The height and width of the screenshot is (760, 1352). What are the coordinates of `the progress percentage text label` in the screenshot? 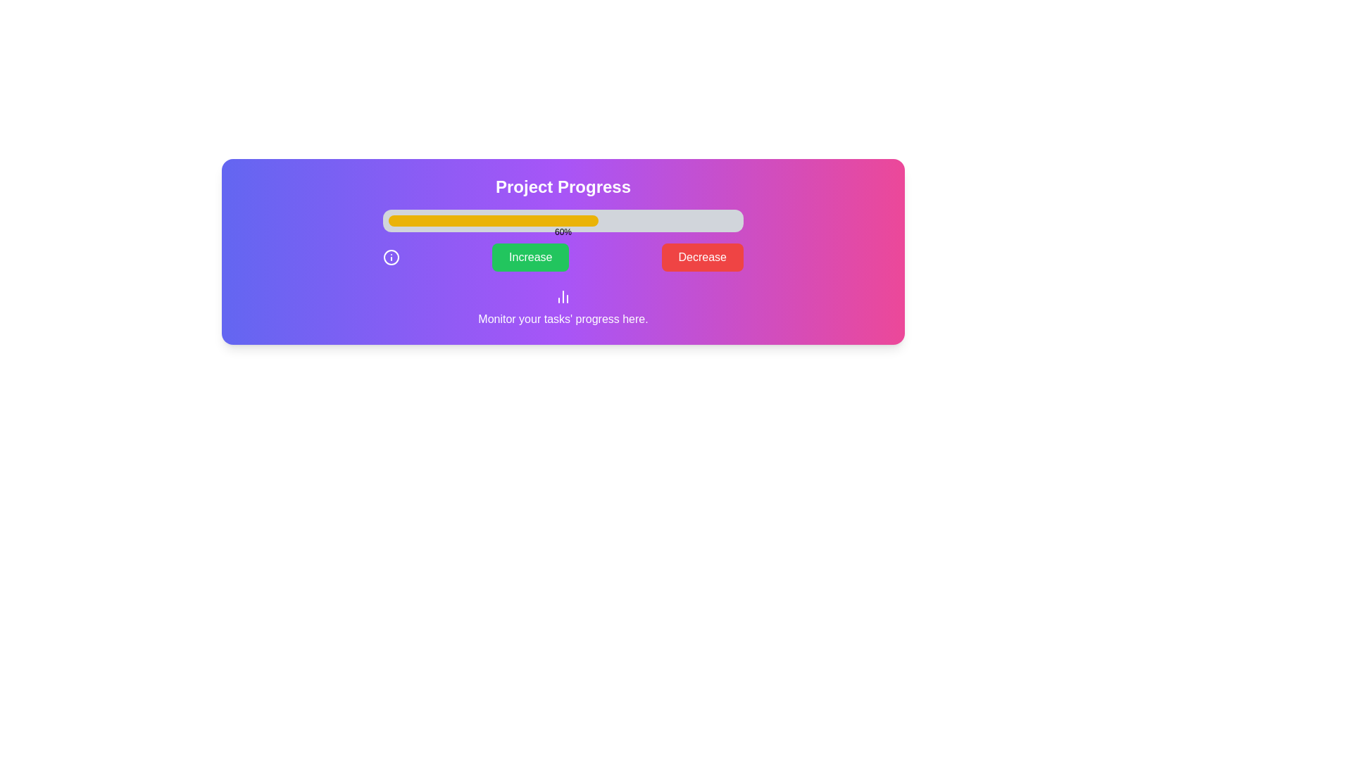 It's located at (563, 232).